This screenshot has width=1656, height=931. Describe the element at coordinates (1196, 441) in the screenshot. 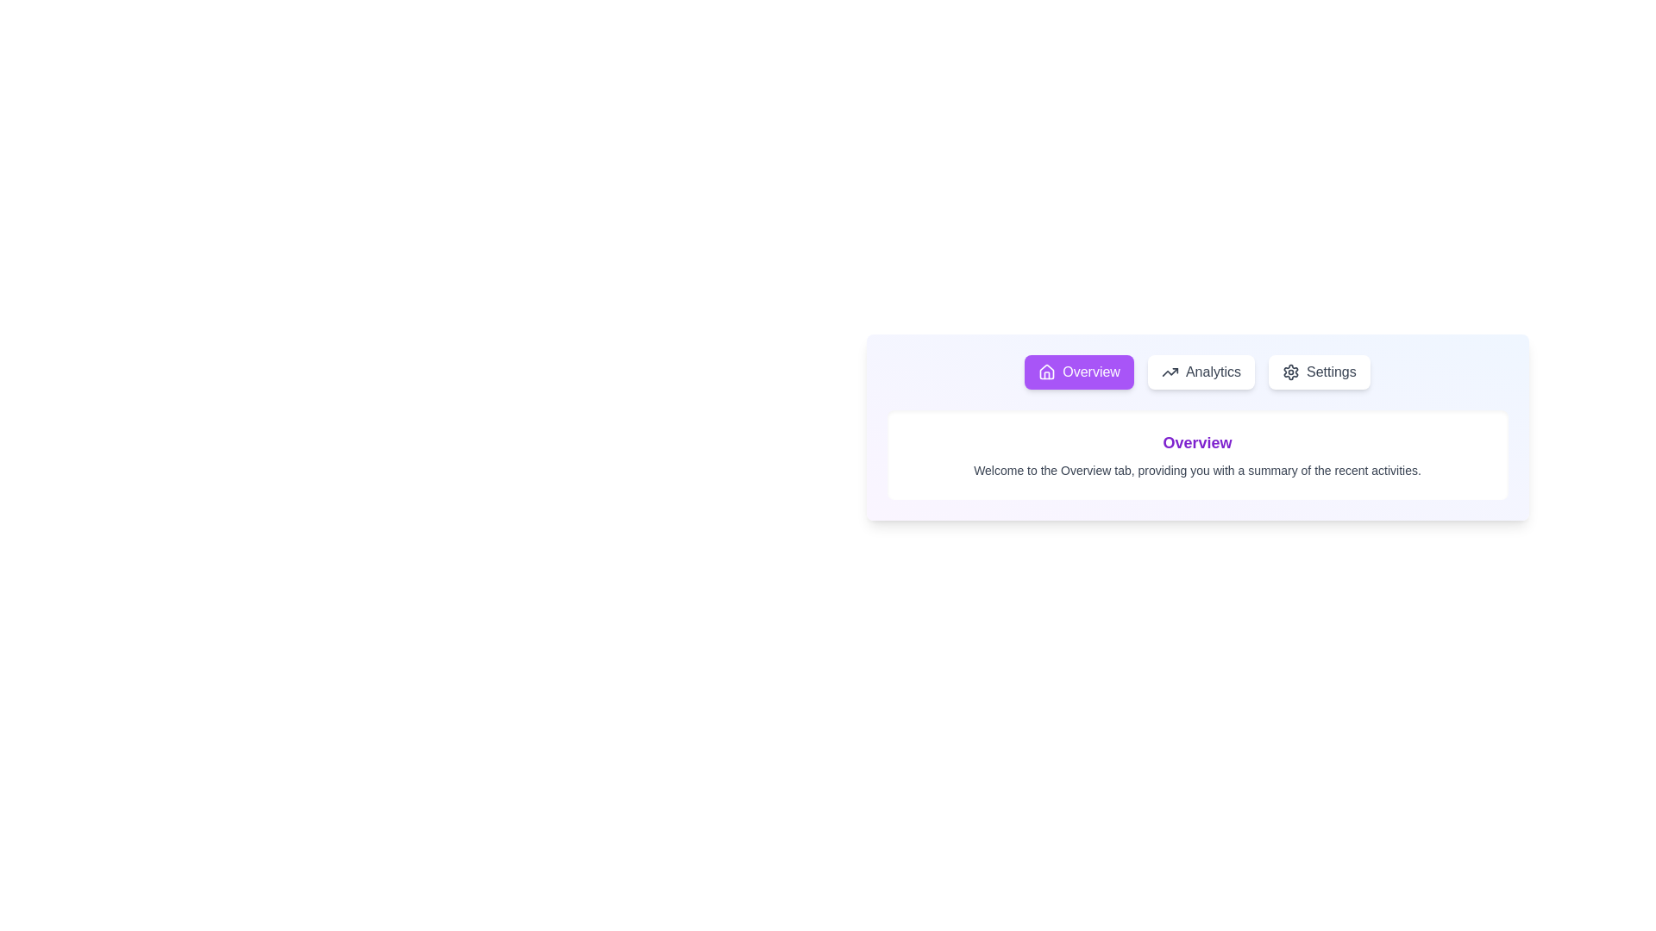

I see `the 'Overview' text label, which is prominently displayed in a large, bold, purple font above the descriptive text area` at that location.